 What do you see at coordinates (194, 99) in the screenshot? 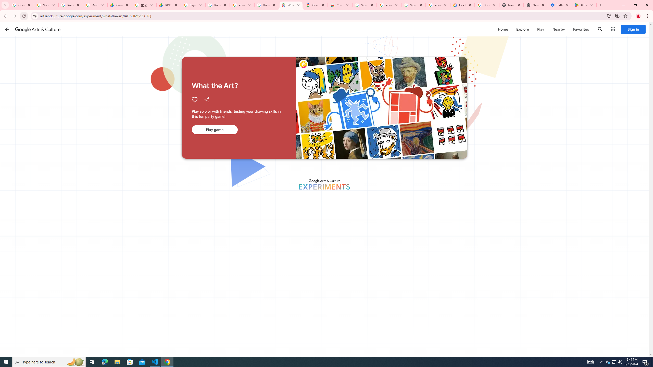
I see `'Authenticate to favorite this asset.'` at bounding box center [194, 99].